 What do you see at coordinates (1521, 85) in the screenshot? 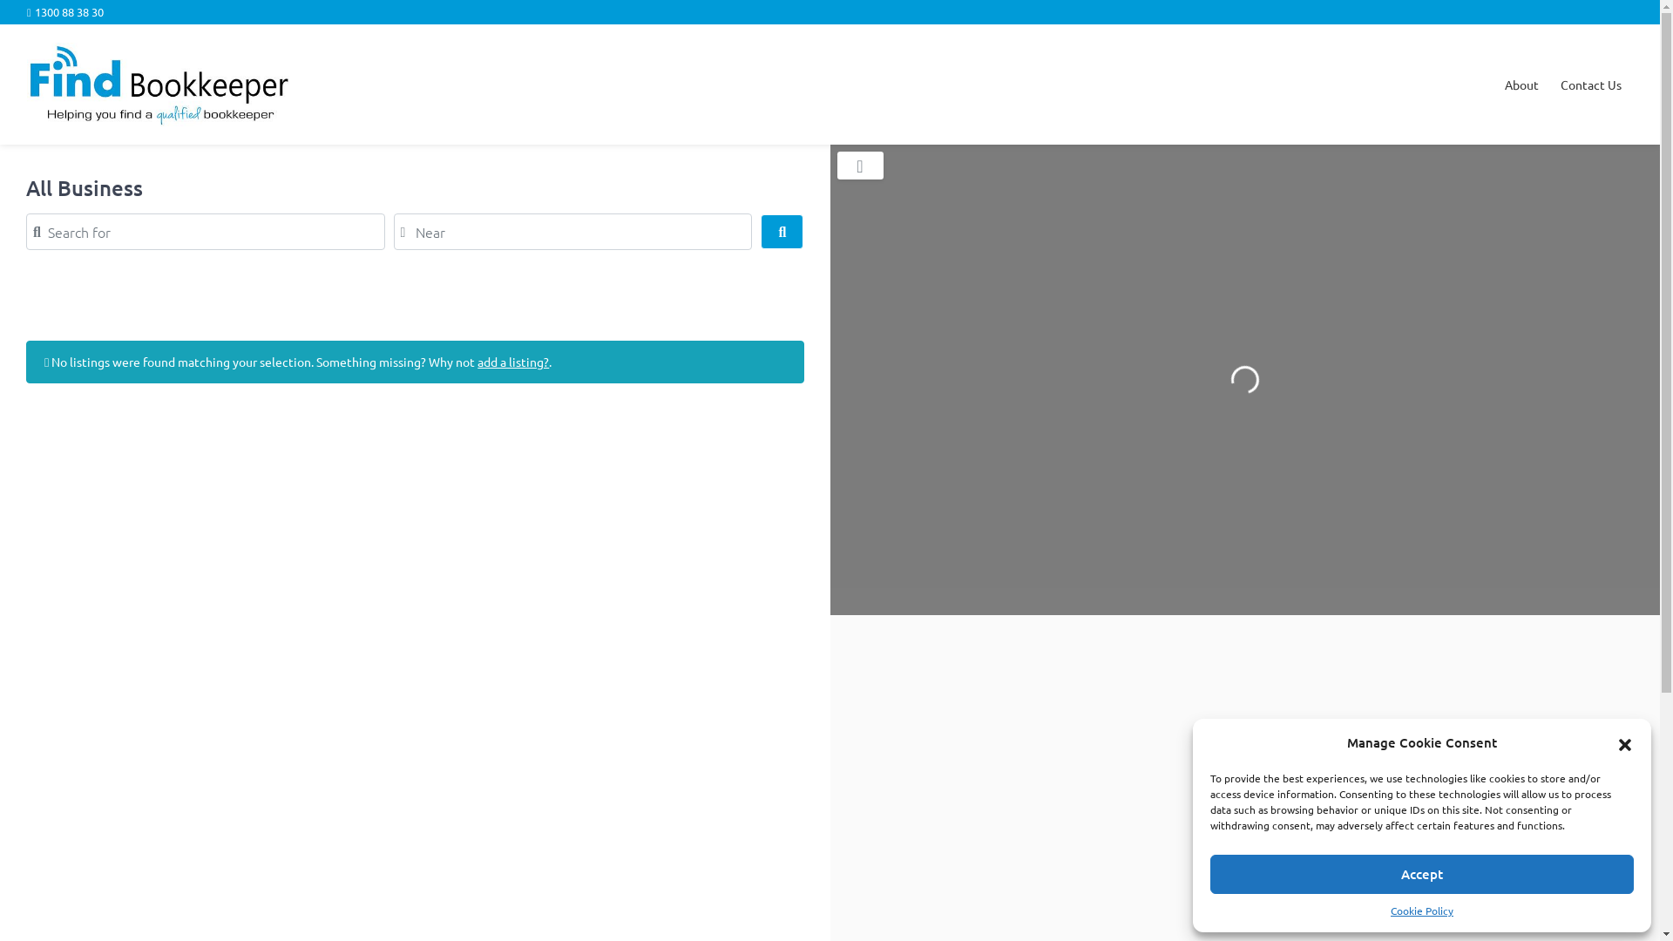
I see `'About'` at bounding box center [1521, 85].